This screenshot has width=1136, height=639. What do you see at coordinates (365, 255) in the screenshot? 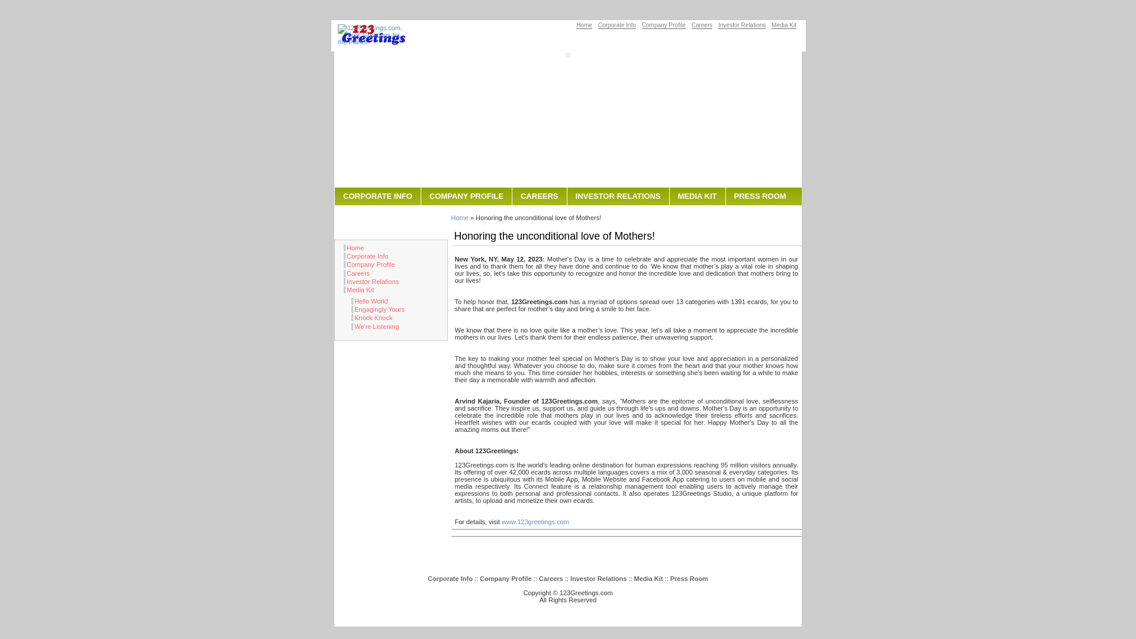
I see `'Corporate Info'` at bounding box center [365, 255].